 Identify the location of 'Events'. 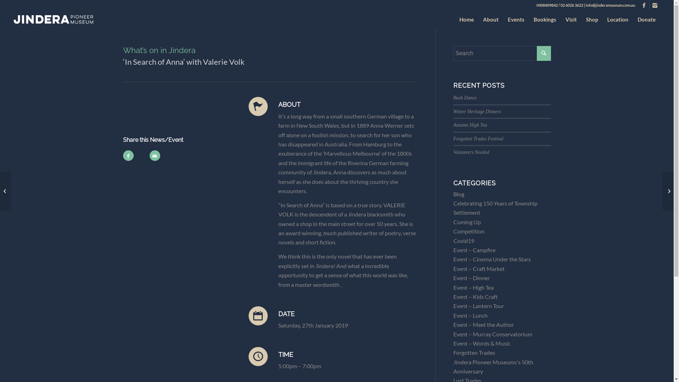
(516, 19).